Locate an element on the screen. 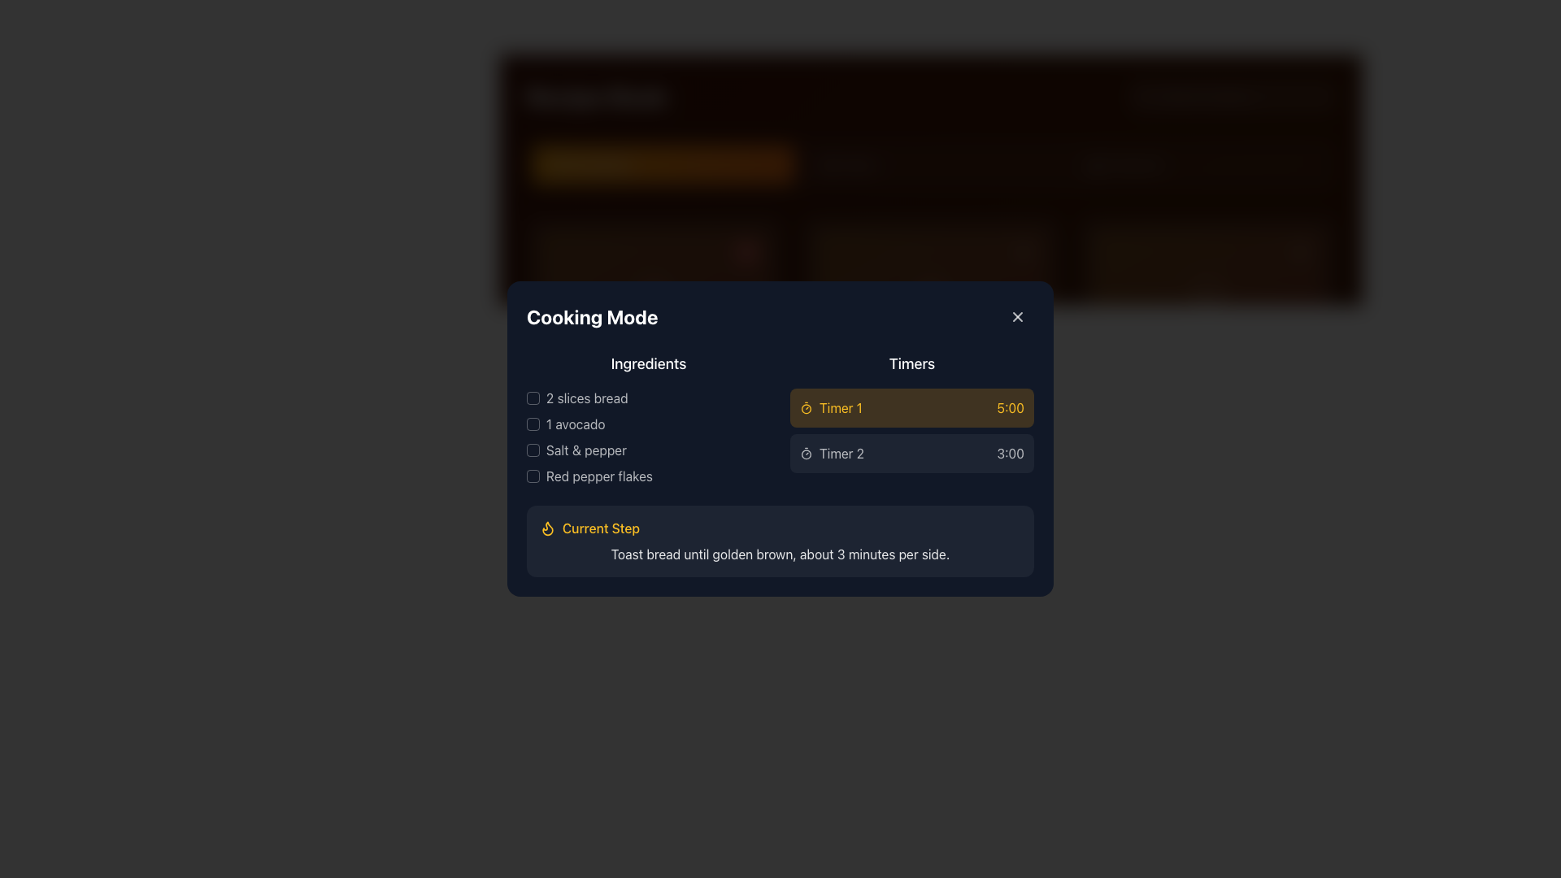 The image size is (1561, 878). the 'Timer 1' label which displays the text in bold font style, positioned next to a clock icon within the 'Timers' section is located at coordinates (841, 406).